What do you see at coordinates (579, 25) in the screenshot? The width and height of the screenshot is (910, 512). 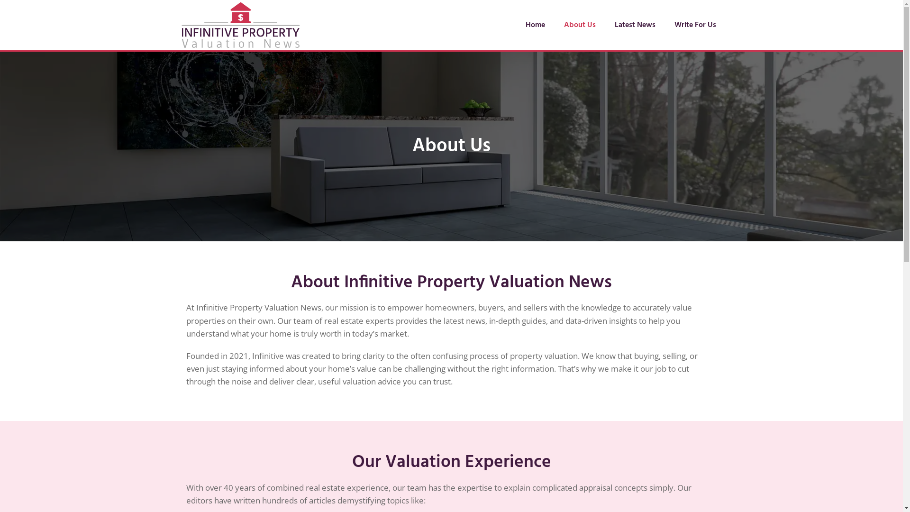 I see `'About Us'` at bounding box center [579, 25].